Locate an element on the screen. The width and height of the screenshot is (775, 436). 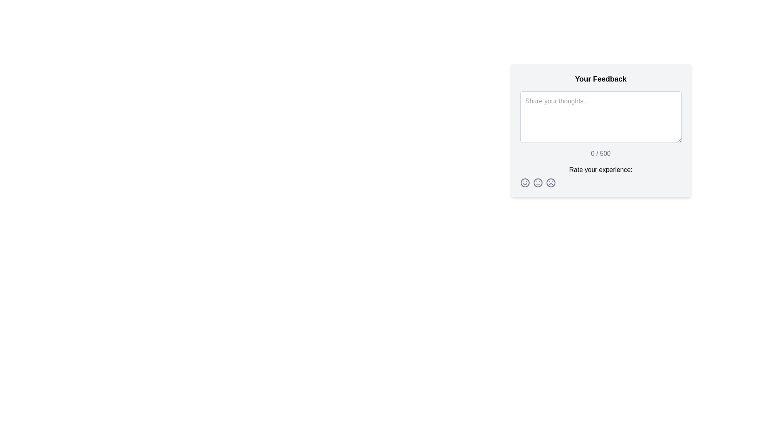
the circular smiley face icon with a gray stroke located in the bottom-left corner of the feedback card is located at coordinates (525, 182).